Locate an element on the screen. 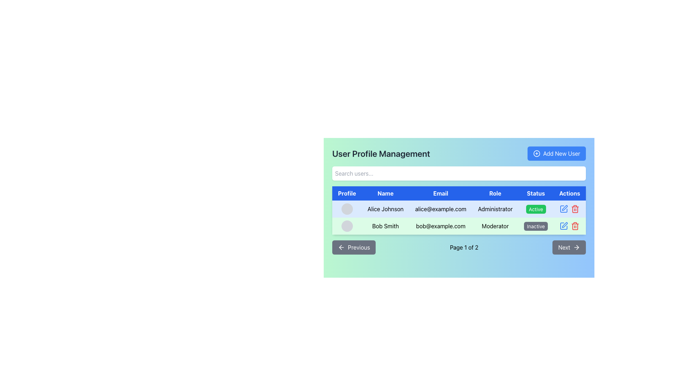 This screenshot has width=683, height=384. the middle part of the trash bin icon in the 'Actions' column of the user management table for deletion is located at coordinates (575, 209).